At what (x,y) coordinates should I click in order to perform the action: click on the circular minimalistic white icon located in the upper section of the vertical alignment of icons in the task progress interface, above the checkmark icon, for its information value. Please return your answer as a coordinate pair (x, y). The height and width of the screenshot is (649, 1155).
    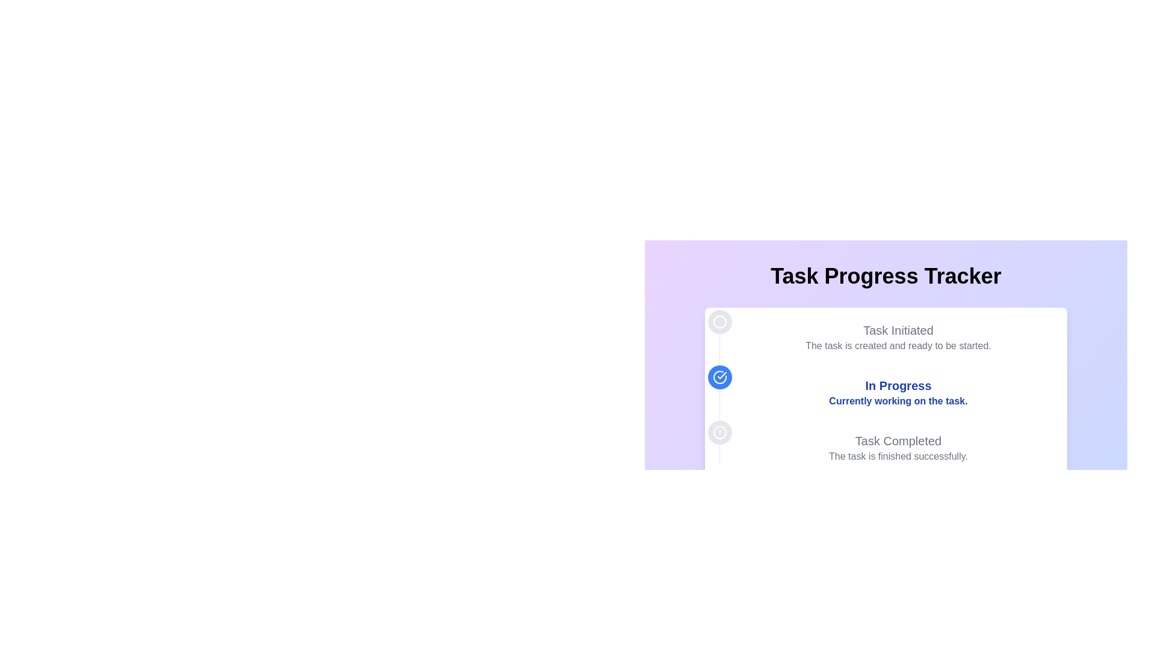
    Looking at the image, I should click on (720, 321).